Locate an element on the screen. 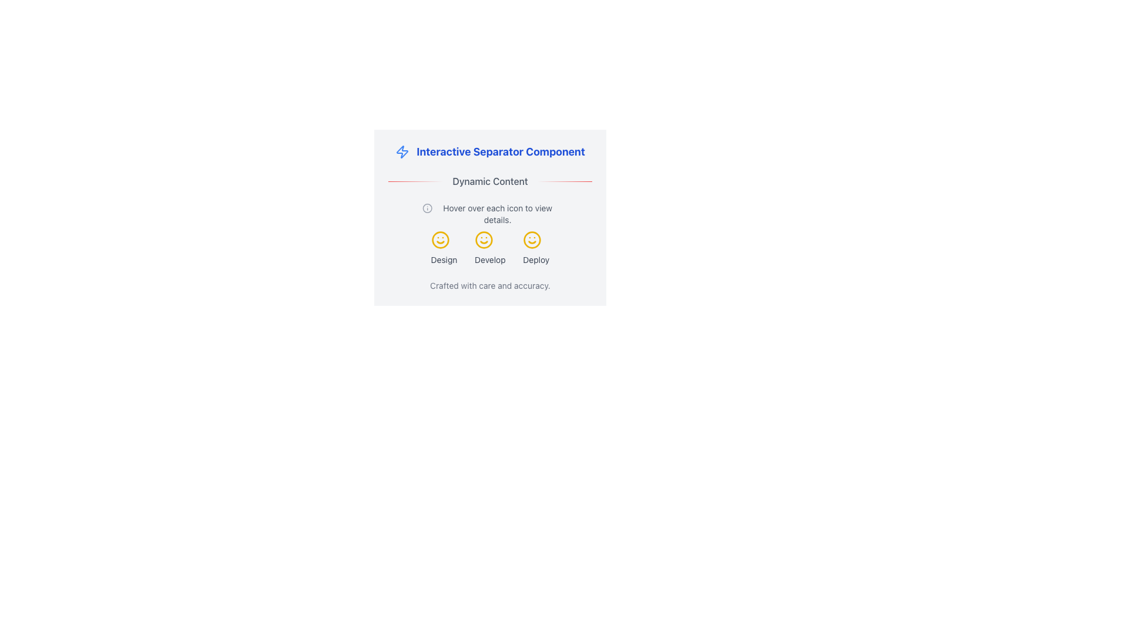  the middle circular icon with a yellow outline, which is part of a smiling face illustration, located beneath the heading 'Dynamic Content' and positioned between the 'Design' and 'Deploy' icons is located at coordinates (484, 239).